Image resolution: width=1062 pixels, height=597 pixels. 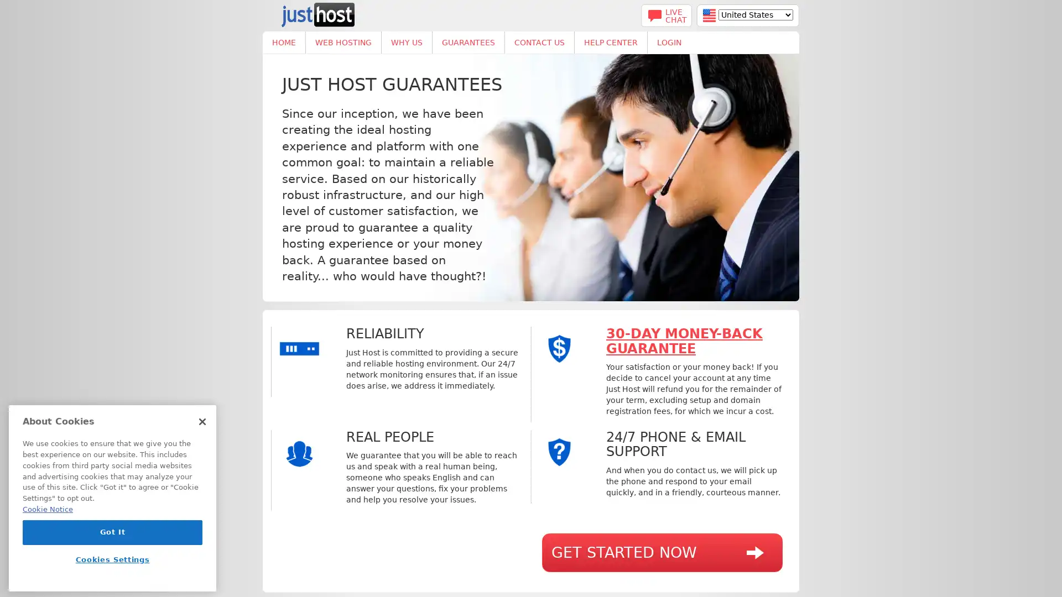 I want to click on Got It, so click(x=112, y=532).